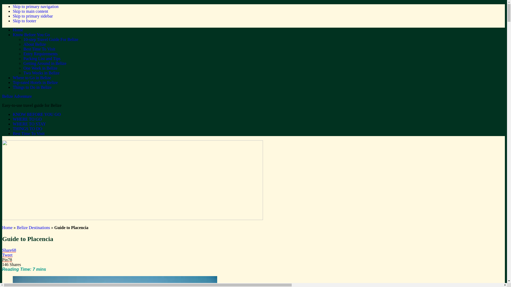 Image resolution: width=511 pixels, height=287 pixels. I want to click on 'Two Weeks in Belize', so click(41, 73).